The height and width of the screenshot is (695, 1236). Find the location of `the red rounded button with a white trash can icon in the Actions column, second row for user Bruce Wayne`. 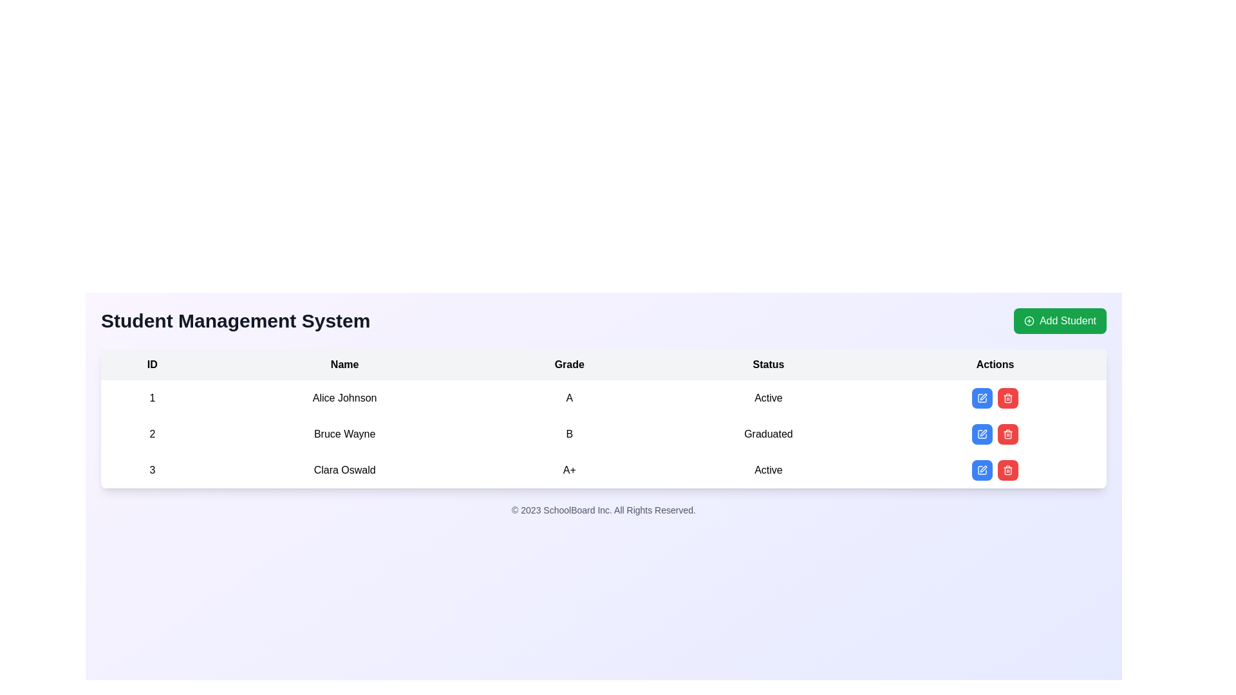

the red rounded button with a white trash can icon in the Actions column, second row for user Bruce Wayne is located at coordinates (1007, 434).